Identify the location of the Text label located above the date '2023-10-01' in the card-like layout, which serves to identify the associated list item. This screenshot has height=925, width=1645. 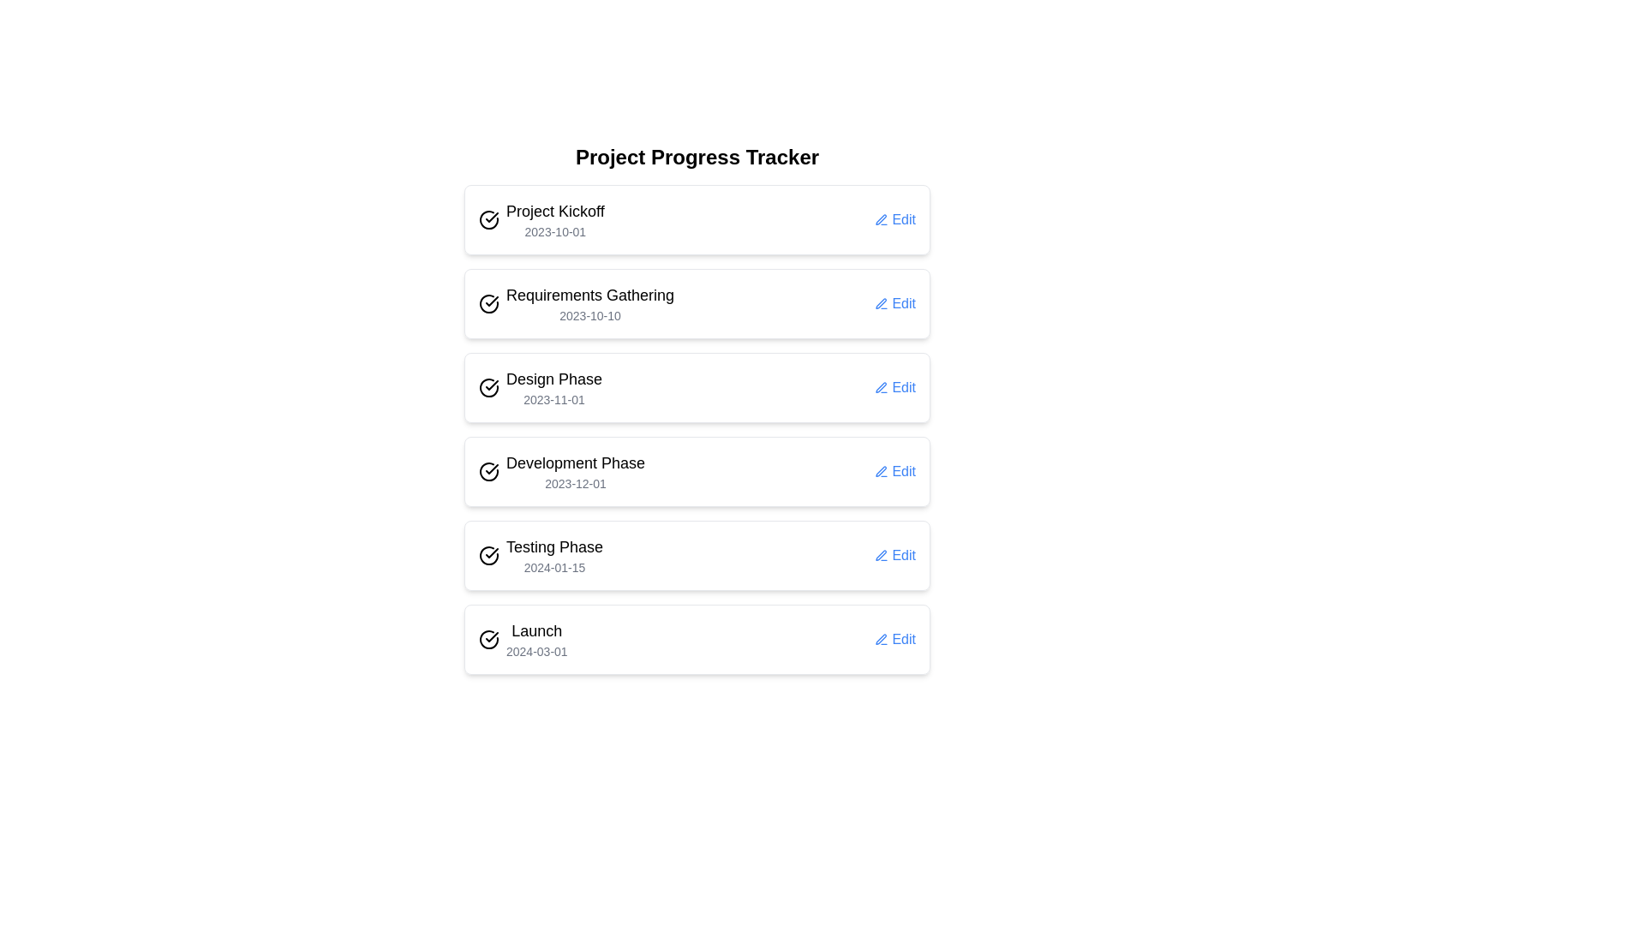
(555, 210).